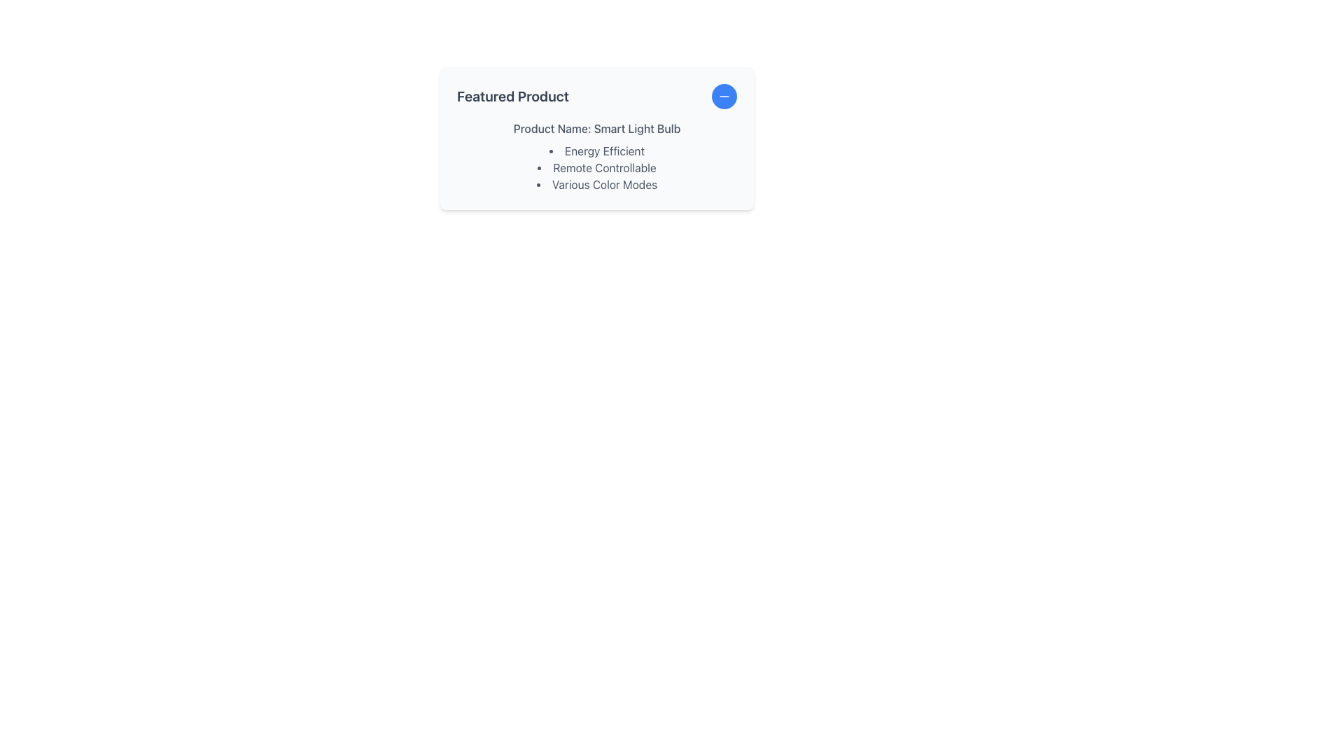 This screenshot has width=1344, height=756. Describe the element at coordinates (597, 167) in the screenshot. I see `the second item in the bulleted list that describes the product's capability to be remote controlled, located below the title 'Product Name: Smart Light Bulb'` at that location.